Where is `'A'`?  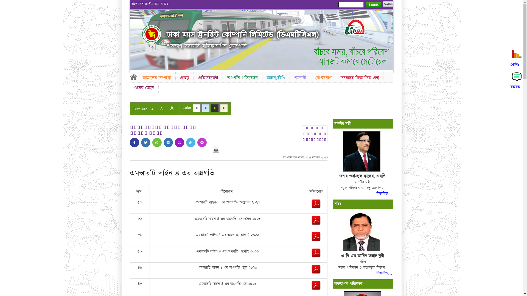 'A' is located at coordinates (161, 109).